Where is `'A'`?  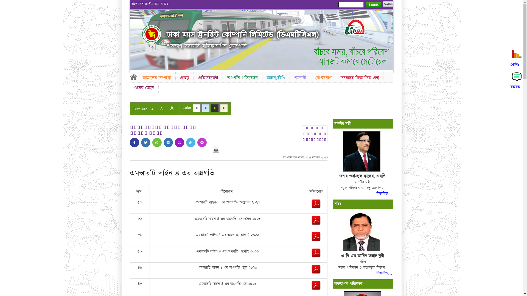 'A' is located at coordinates (161, 109).